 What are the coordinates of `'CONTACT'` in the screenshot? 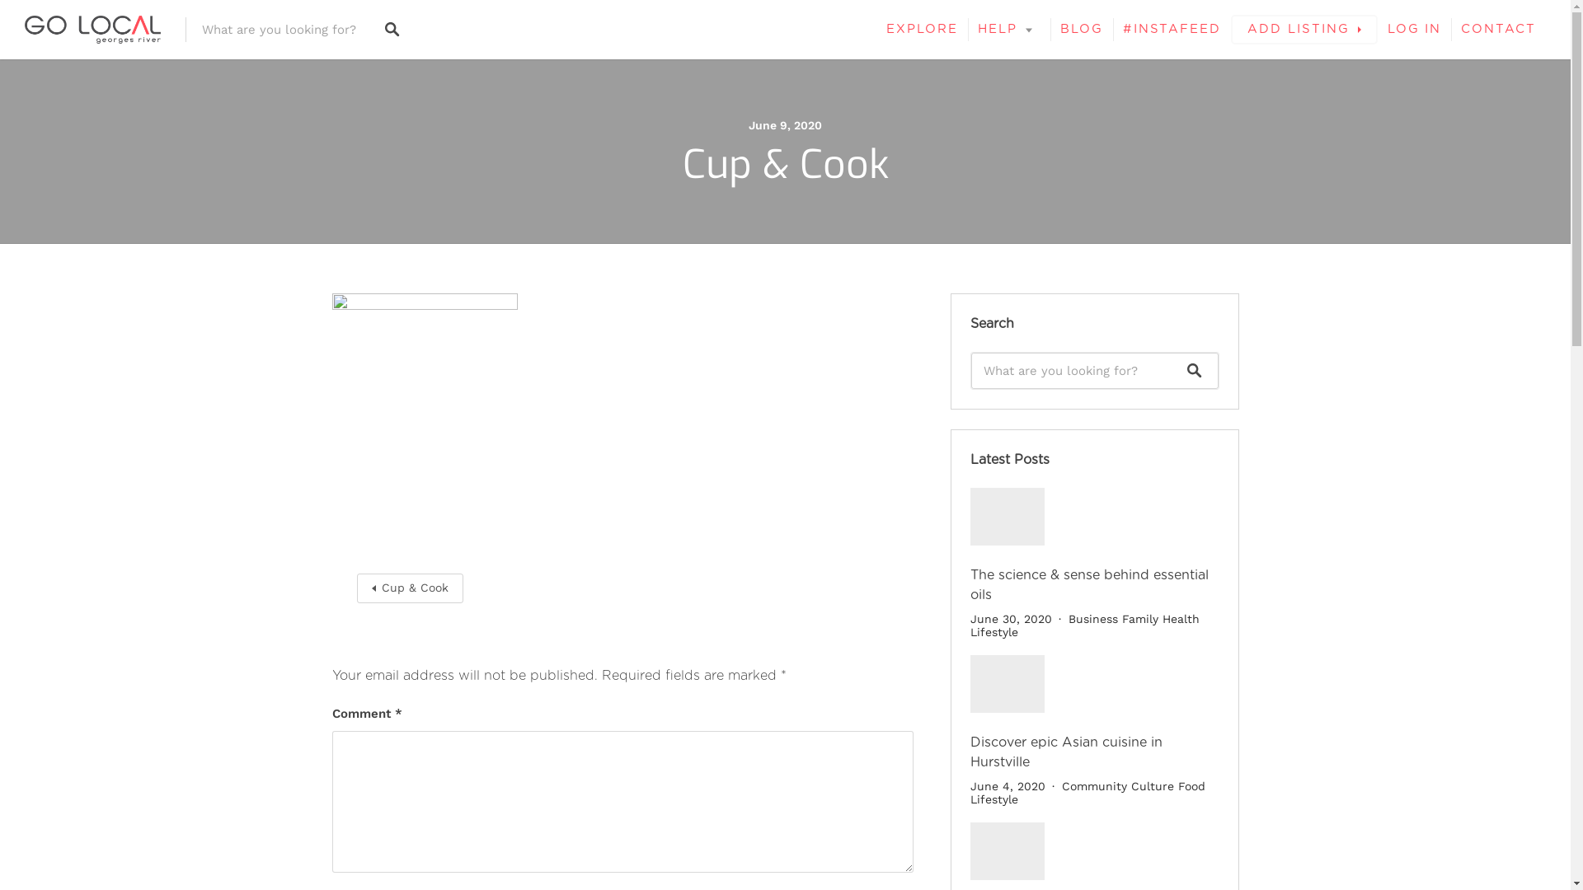 It's located at (1498, 30).